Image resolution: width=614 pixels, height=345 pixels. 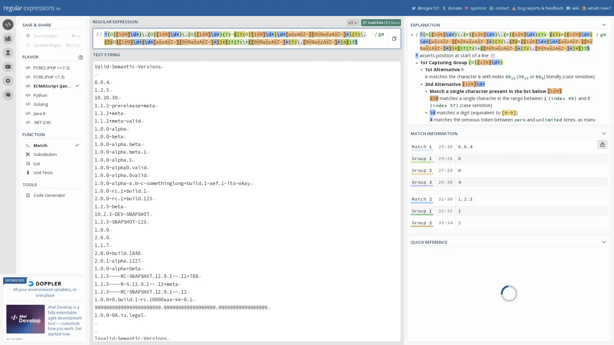 What do you see at coordinates (541, 317) in the screenshot?
I see `Any whitespace character \s` at bounding box center [541, 317].